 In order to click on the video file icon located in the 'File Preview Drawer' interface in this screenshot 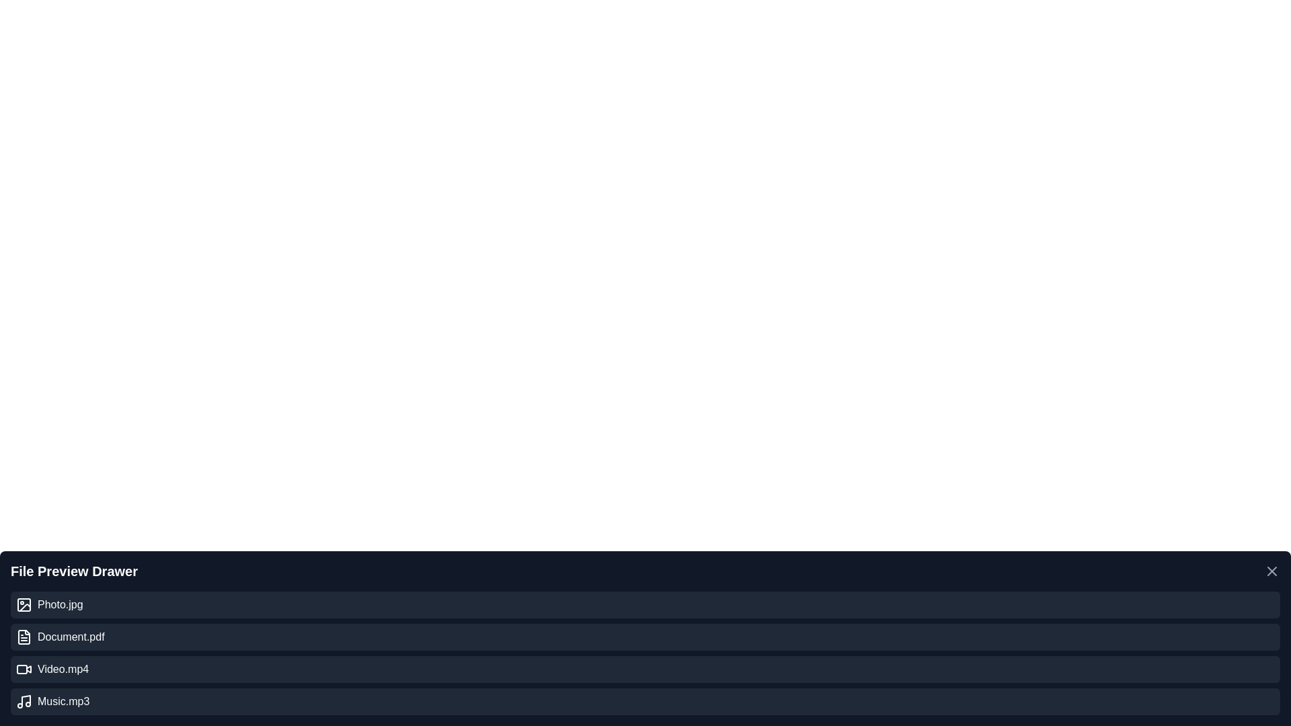, I will do `click(24, 669)`.